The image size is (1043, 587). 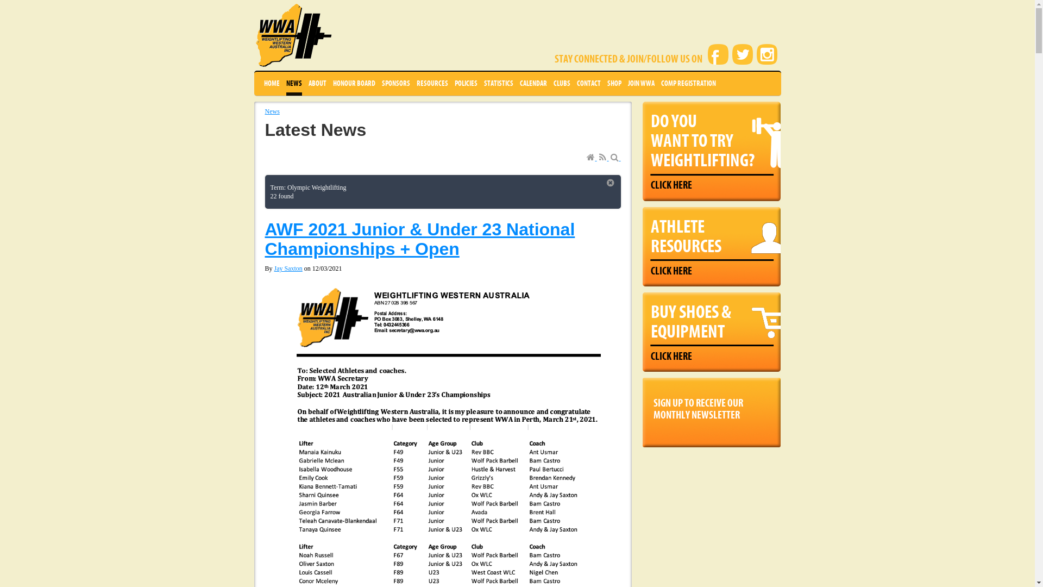 I want to click on 'SIGN UP TO RECEIVE OUR MONTHLY NEWSLETTER', so click(x=642, y=407).